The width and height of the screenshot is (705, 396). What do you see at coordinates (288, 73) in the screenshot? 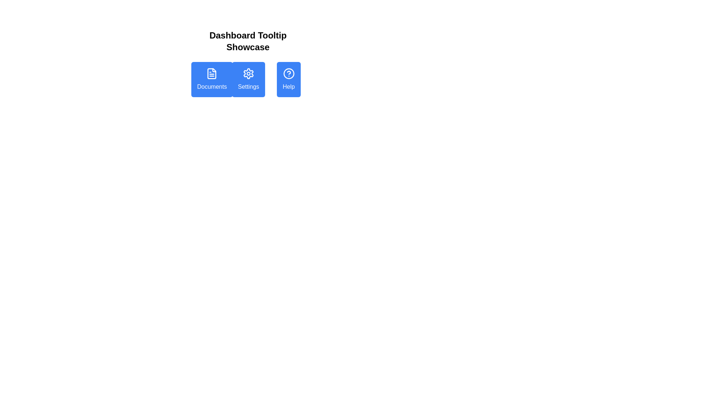
I see `the help icon, which is a circular outline with a question mark embedded, located within the 'Help' button on the far-right of a horizontal row of three buttons` at bounding box center [288, 73].